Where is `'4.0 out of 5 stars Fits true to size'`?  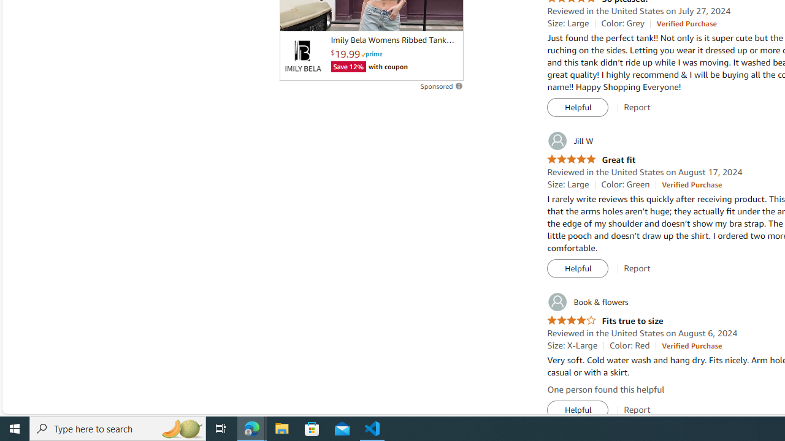 '4.0 out of 5 stars Fits true to size' is located at coordinates (605, 320).